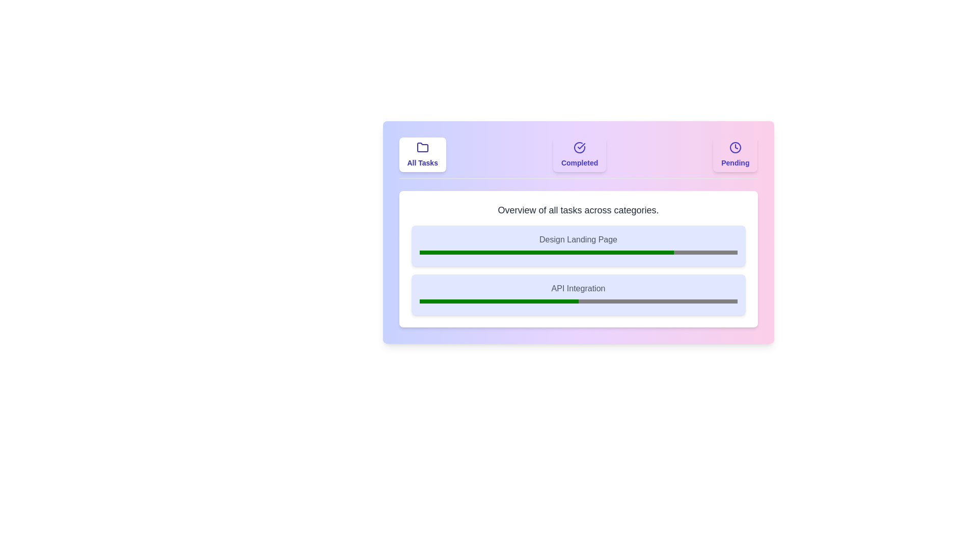 The height and width of the screenshot is (550, 978). What do you see at coordinates (578, 245) in the screenshot?
I see `task name 'Design Landing Page' from the progress bar with associated label, which has a light indigo background and is the first item in a vertical list` at bounding box center [578, 245].